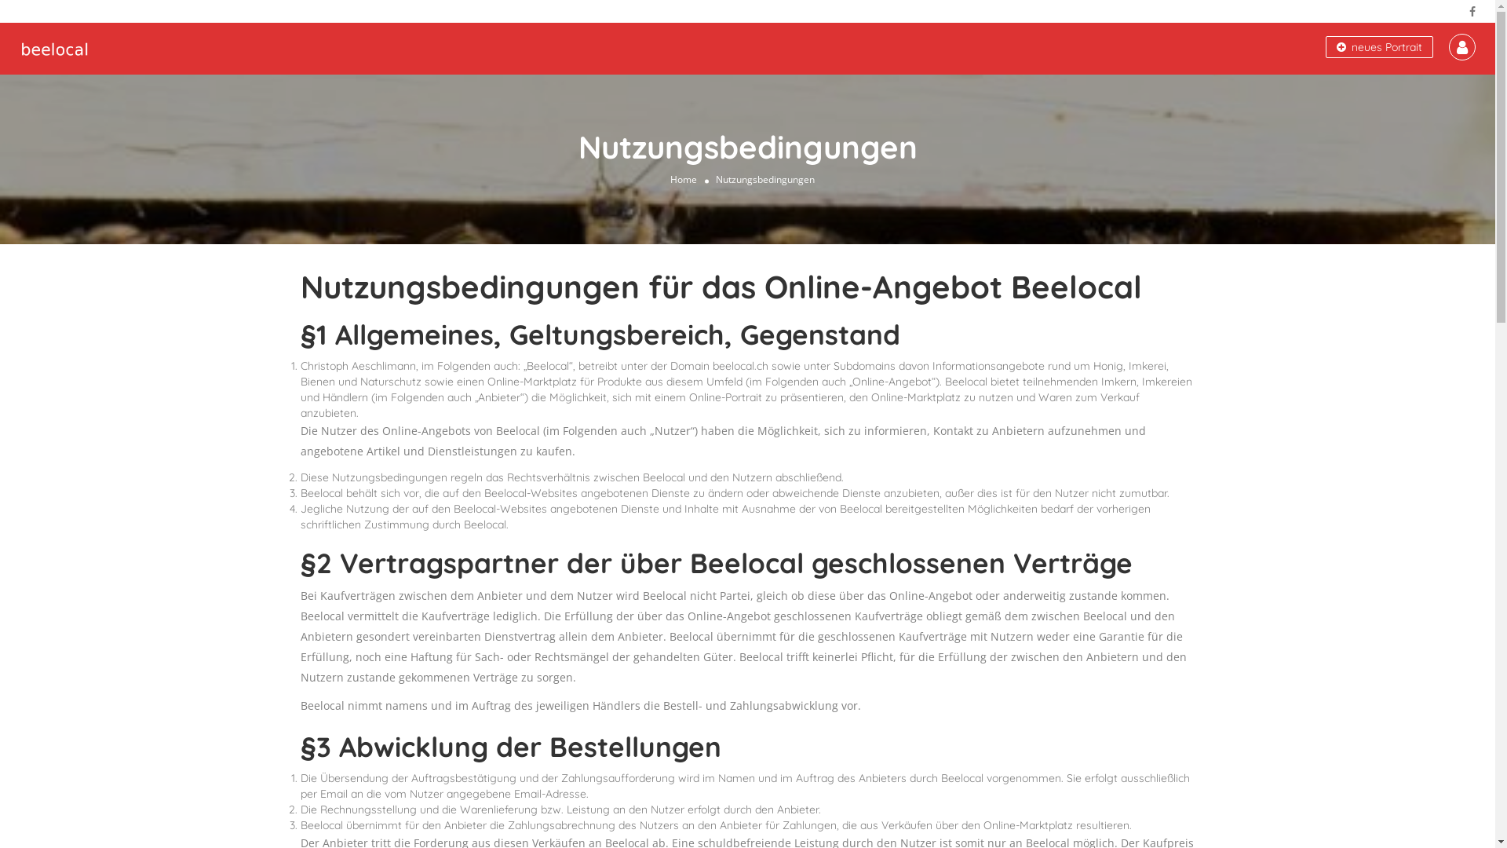  What do you see at coordinates (1378, 46) in the screenshot?
I see `'neues Portrait'` at bounding box center [1378, 46].